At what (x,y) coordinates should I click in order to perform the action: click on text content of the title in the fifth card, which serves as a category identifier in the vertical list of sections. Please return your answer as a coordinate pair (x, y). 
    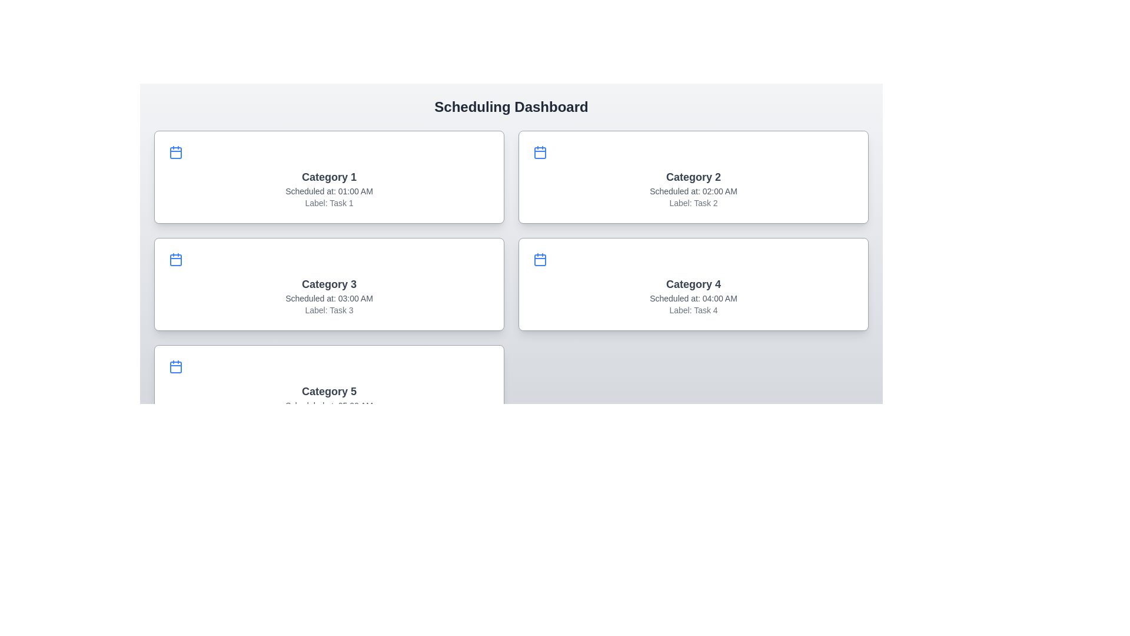
    Looking at the image, I should click on (329, 391).